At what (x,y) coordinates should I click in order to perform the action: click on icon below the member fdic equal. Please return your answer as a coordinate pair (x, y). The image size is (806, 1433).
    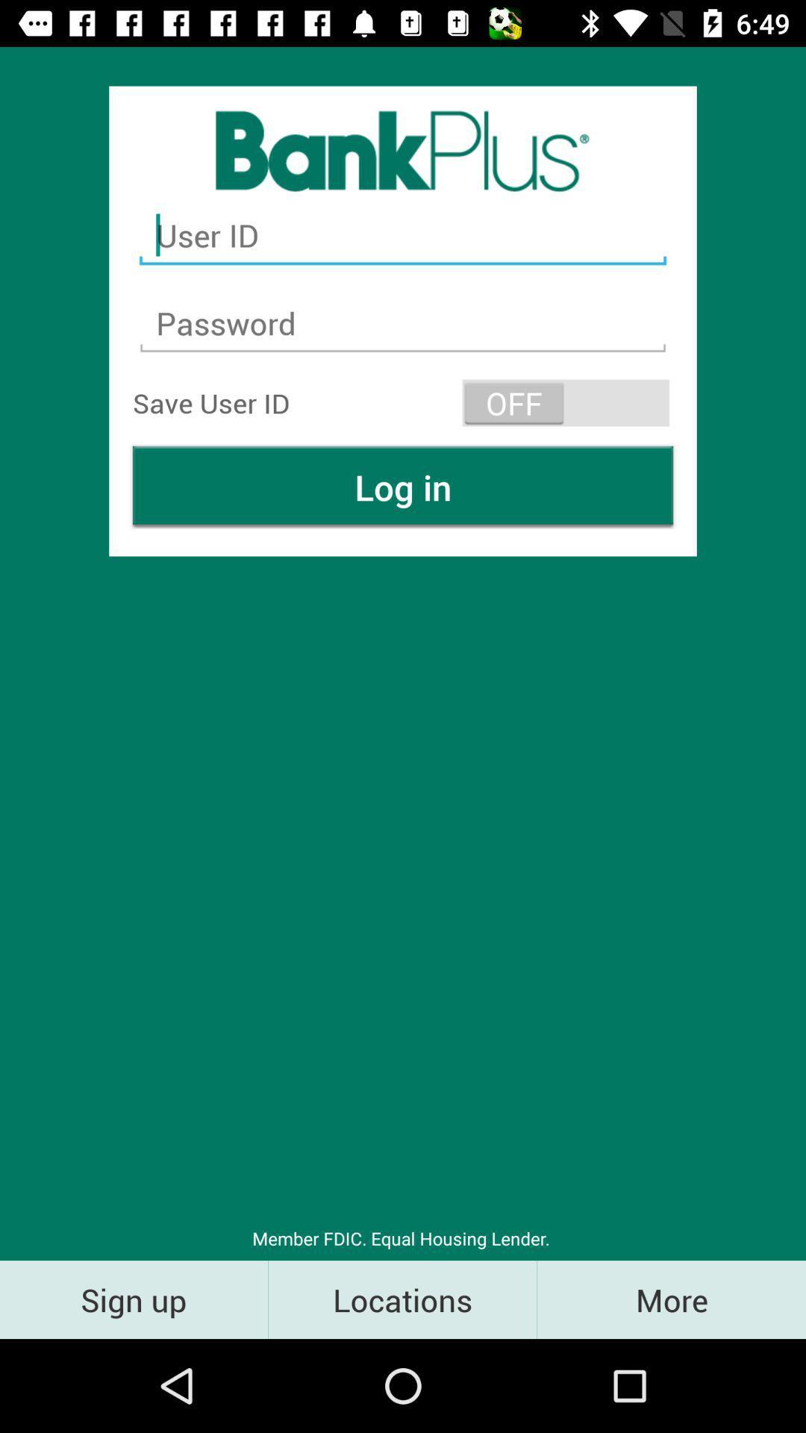
    Looking at the image, I should click on (402, 1299).